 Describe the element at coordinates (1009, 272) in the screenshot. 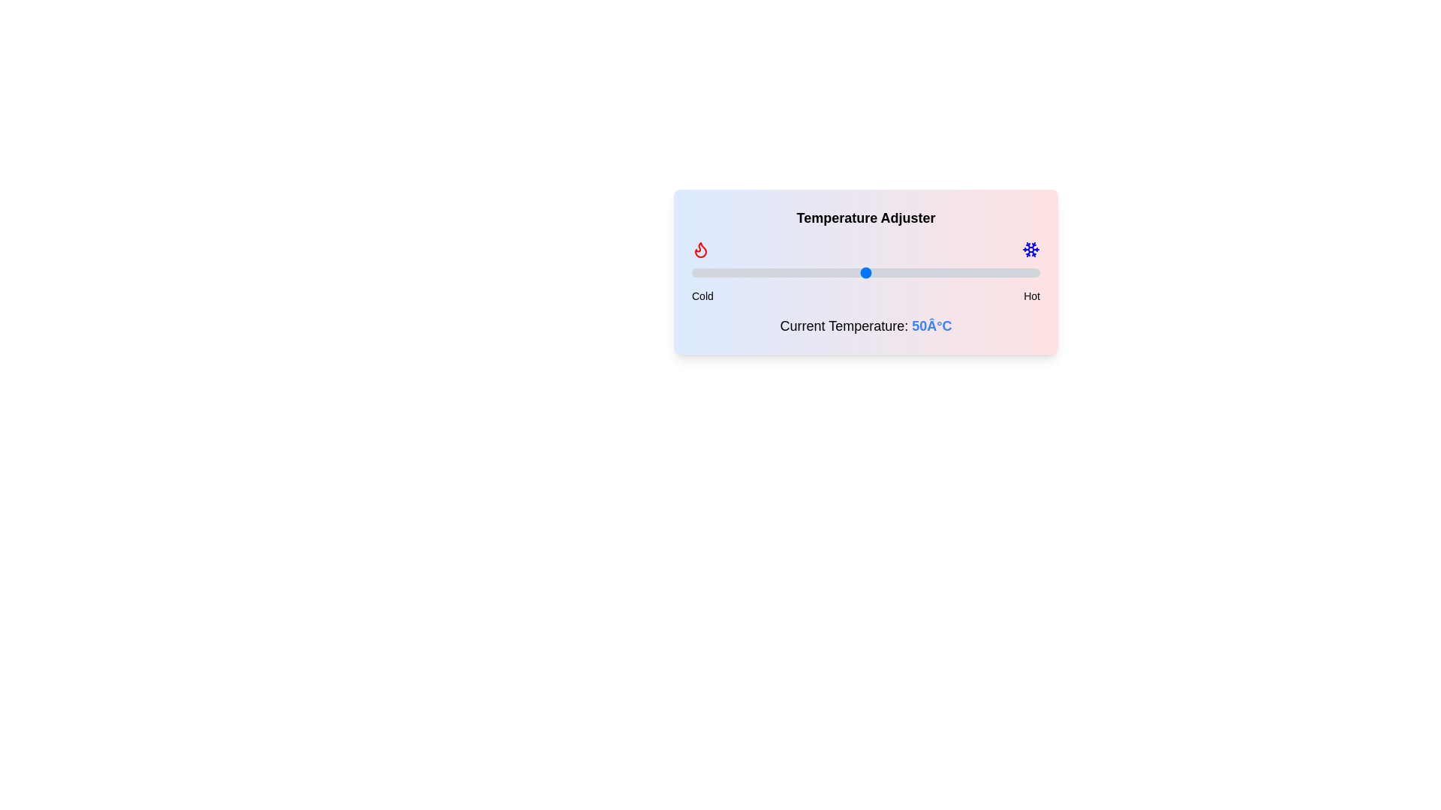

I see `the temperature slider to 91°C` at that location.